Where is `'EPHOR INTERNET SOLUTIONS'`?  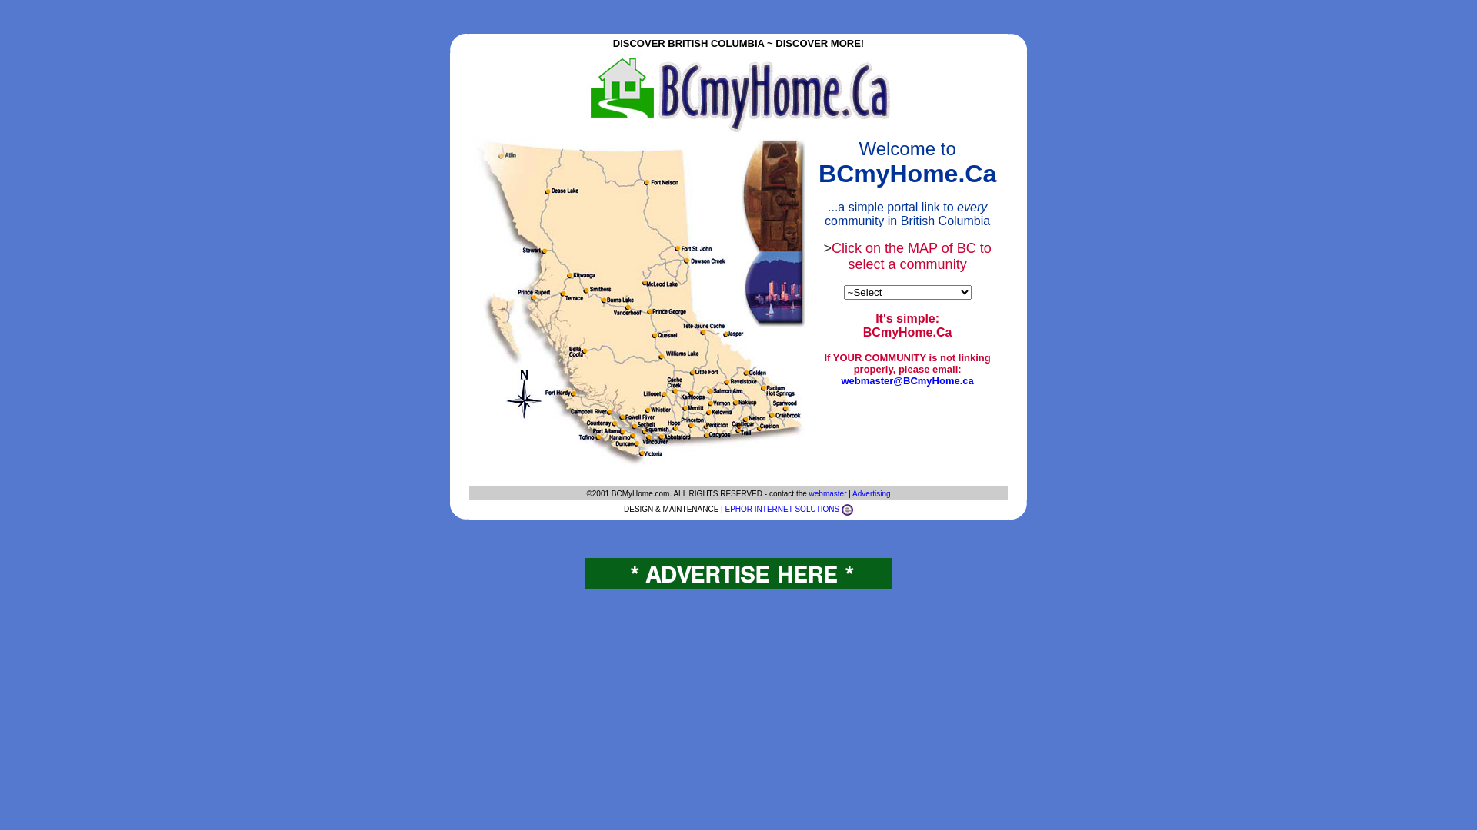
'EPHOR INTERNET SOLUTIONS' is located at coordinates (782, 509).